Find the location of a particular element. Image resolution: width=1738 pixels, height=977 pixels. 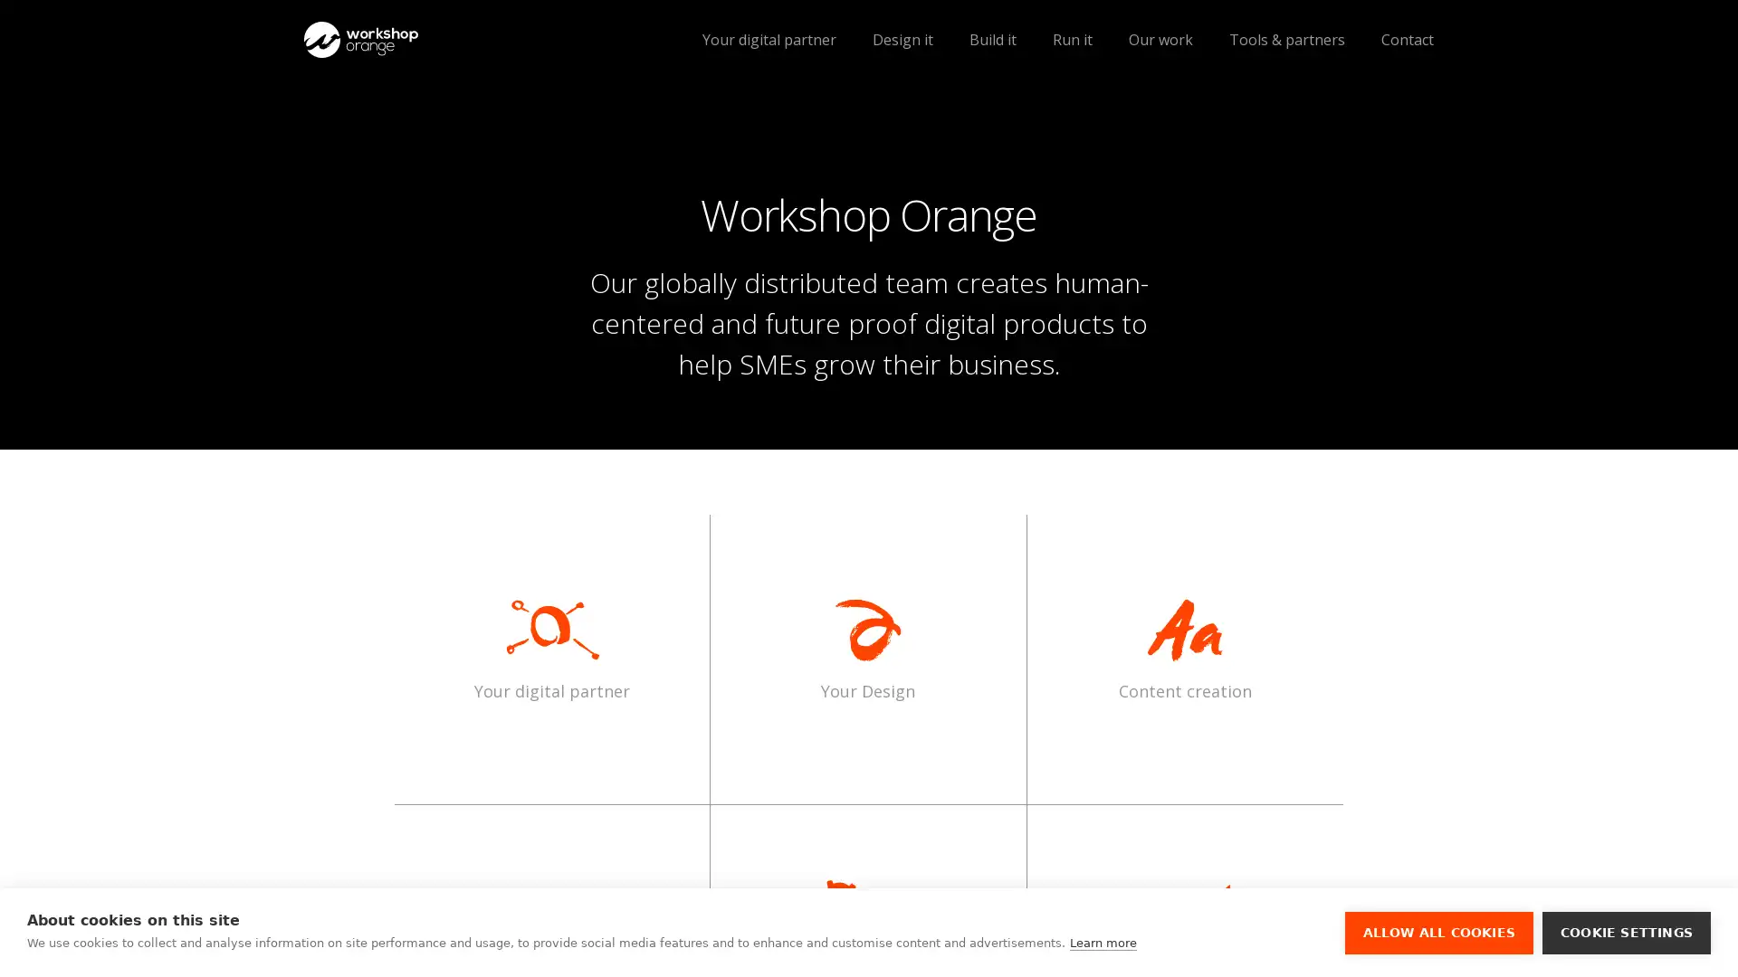

Websites is located at coordinates (446, 151).